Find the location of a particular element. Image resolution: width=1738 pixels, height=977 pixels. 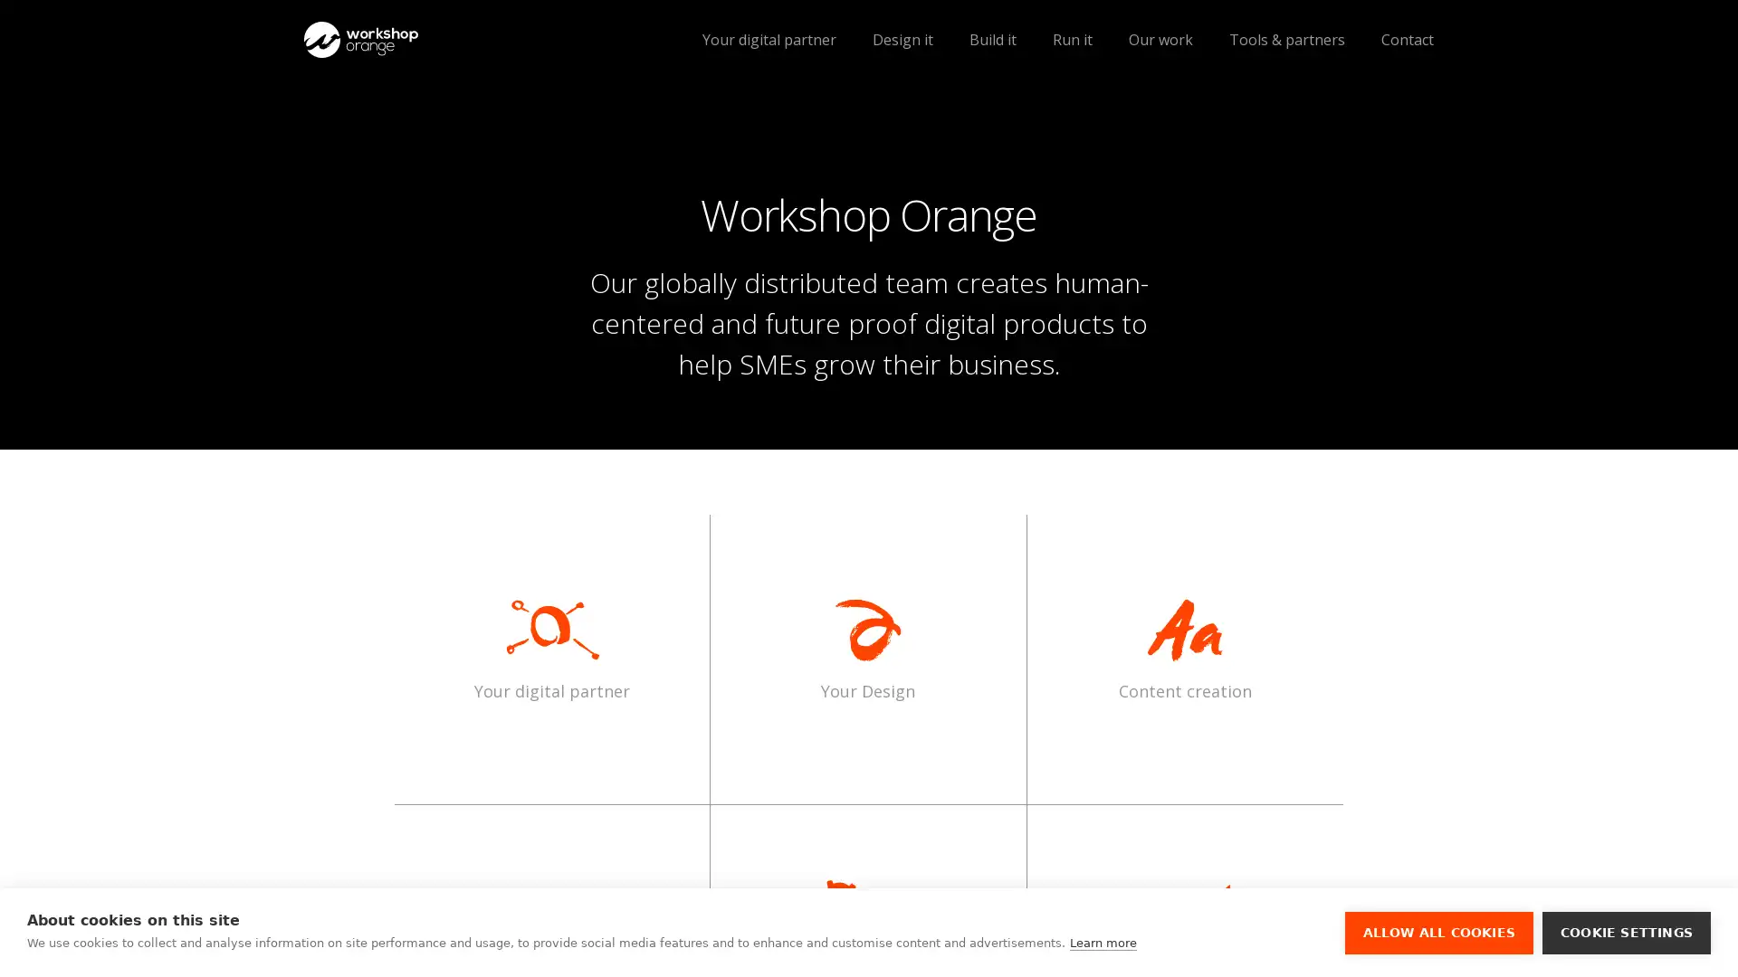

Websites is located at coordinates (446, 151).